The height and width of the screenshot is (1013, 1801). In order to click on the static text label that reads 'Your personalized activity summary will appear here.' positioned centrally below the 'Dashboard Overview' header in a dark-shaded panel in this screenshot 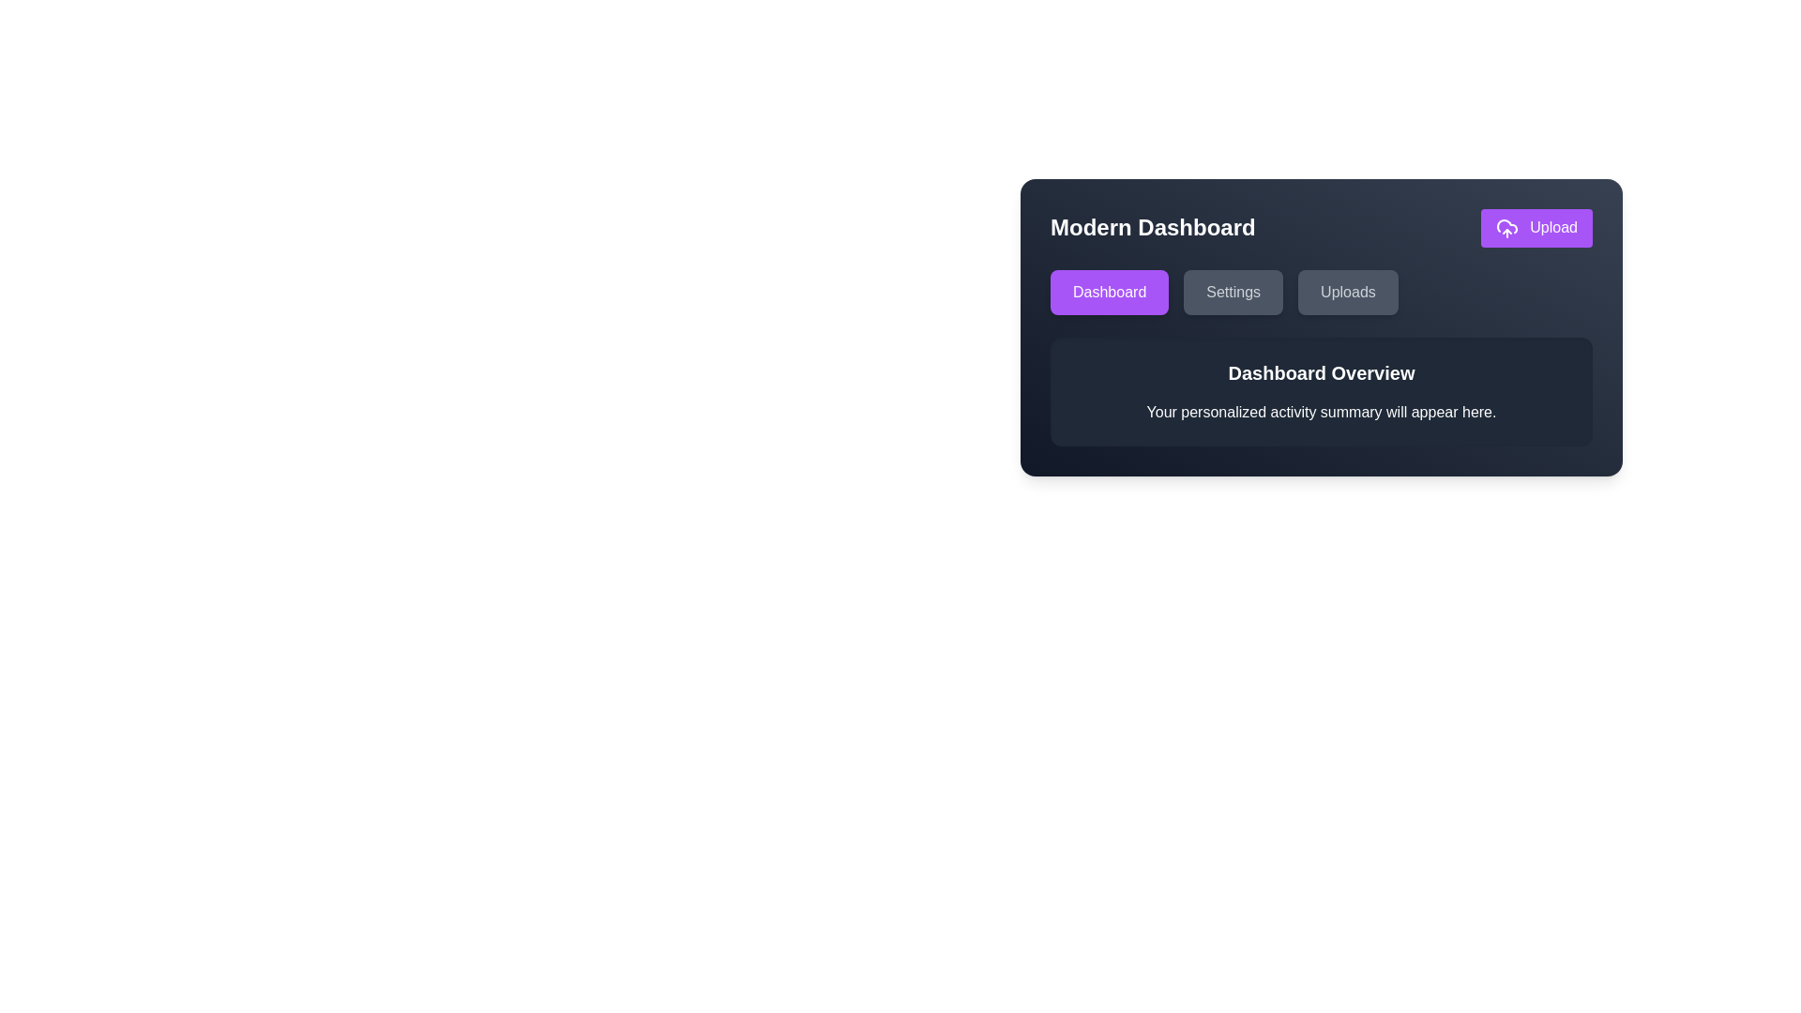, I will do `click(1321, 411)`.